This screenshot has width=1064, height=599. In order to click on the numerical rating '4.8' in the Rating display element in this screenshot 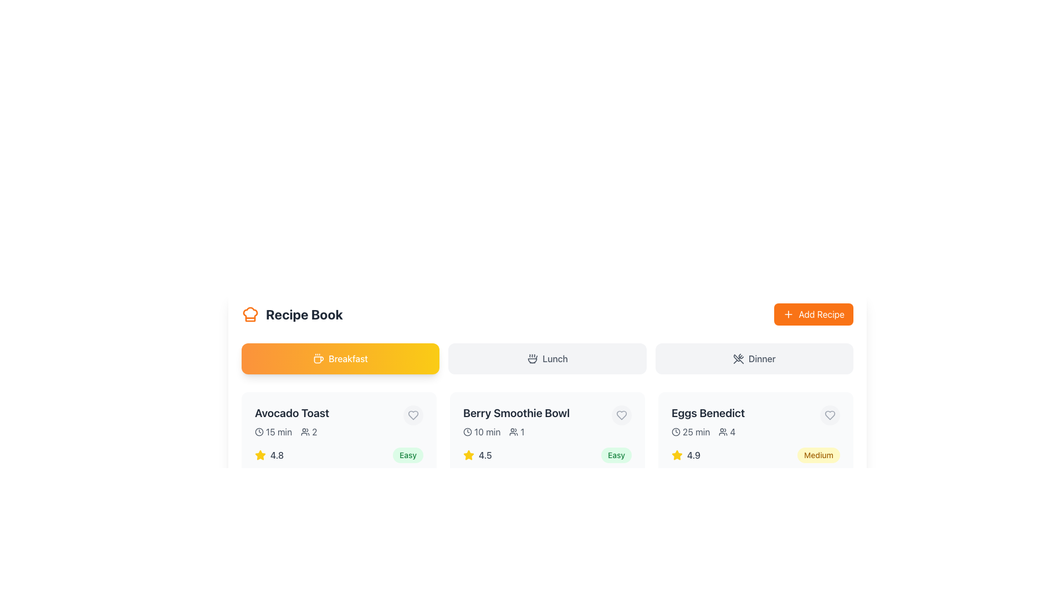, I will do `click(269, 455)`.